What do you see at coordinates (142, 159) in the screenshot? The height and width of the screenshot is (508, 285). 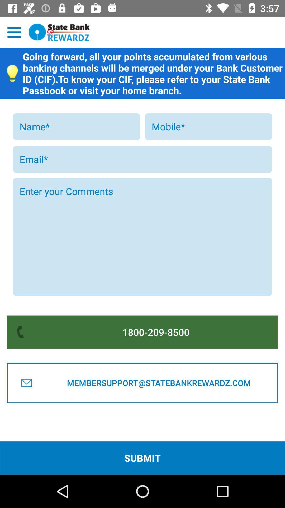 I see `type email bar` at bounding box center [142, 159].